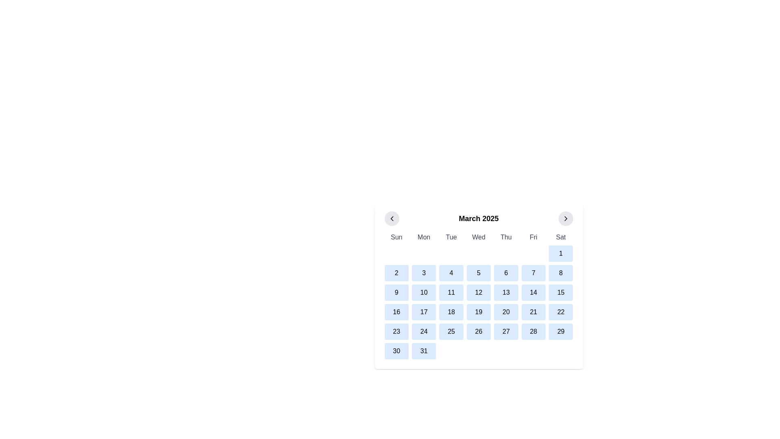 This screenshot has height=439, width=780. What do you see at coordinates (565, 218) in the screenshot?
I see `the navigation button located on the right side of the date header 'March 2025' in the calendar view` at bounding box center [565, 218].